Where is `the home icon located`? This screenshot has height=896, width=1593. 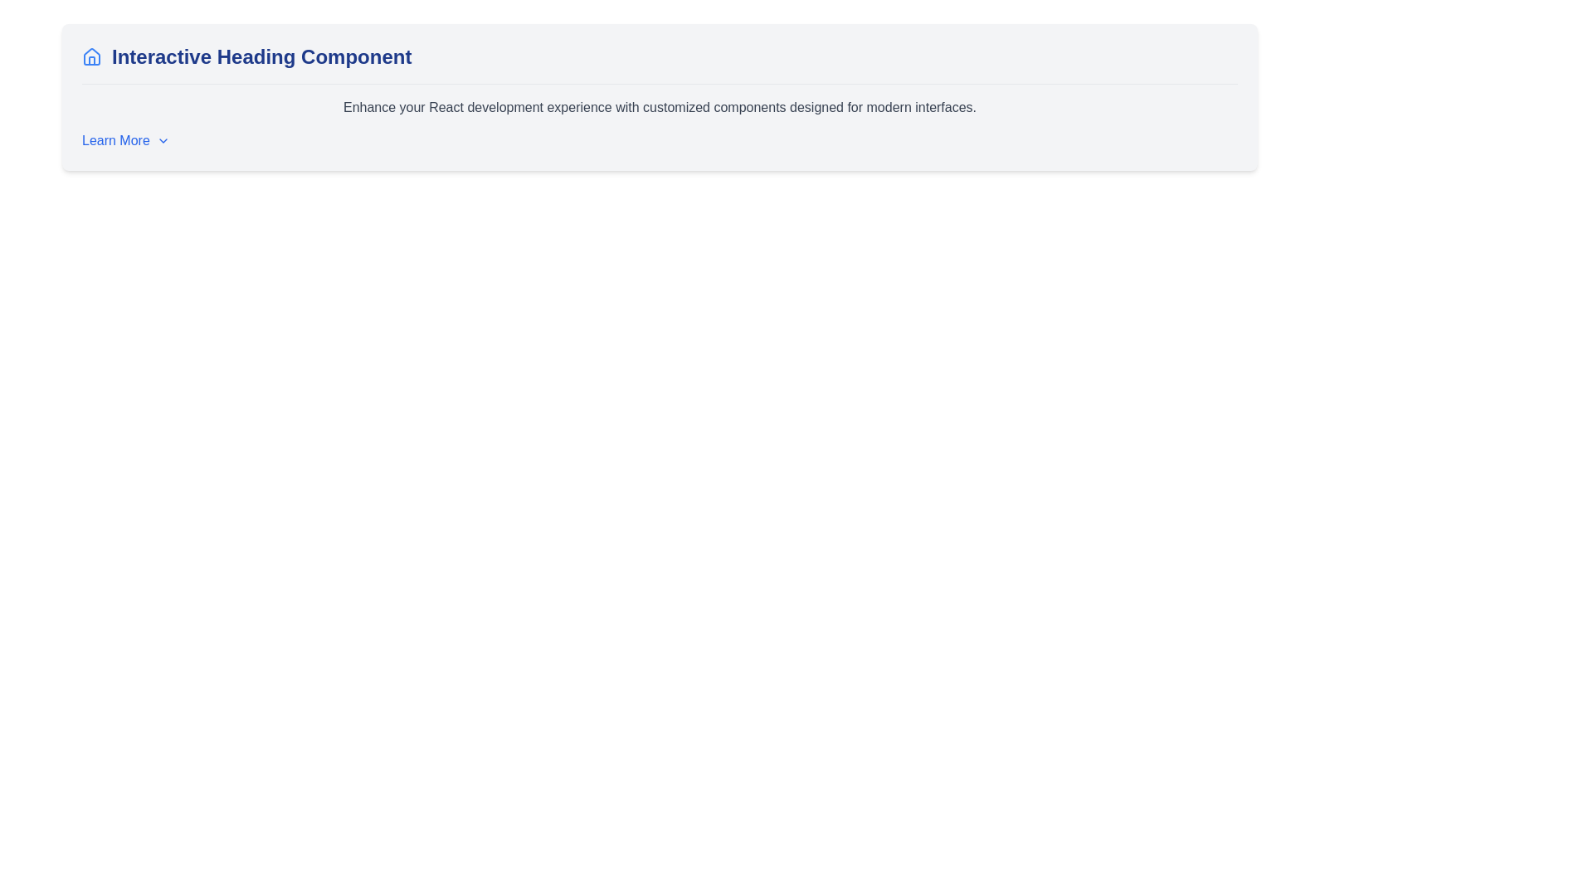 the home icon located is located at coordinates (90, 56).